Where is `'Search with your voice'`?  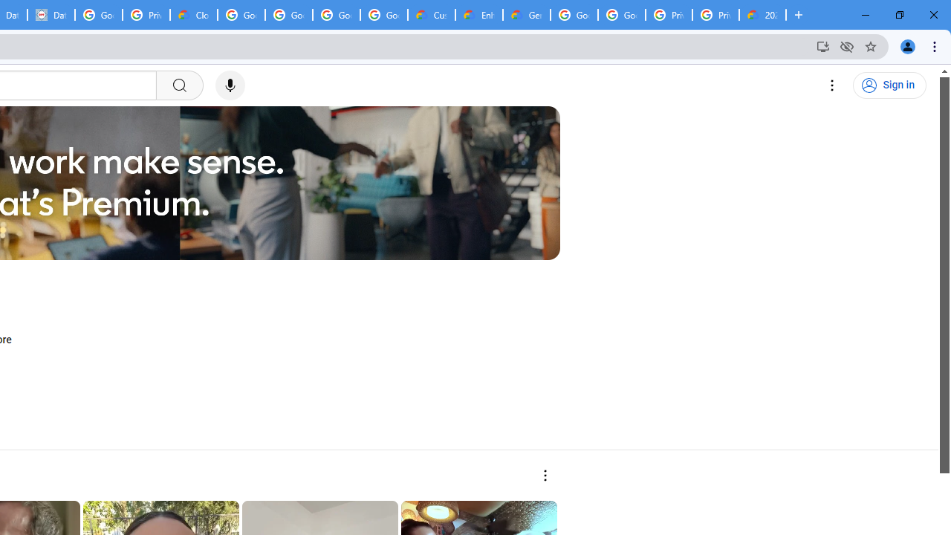 'Search with your voice' is located at coordinates (229, 85).